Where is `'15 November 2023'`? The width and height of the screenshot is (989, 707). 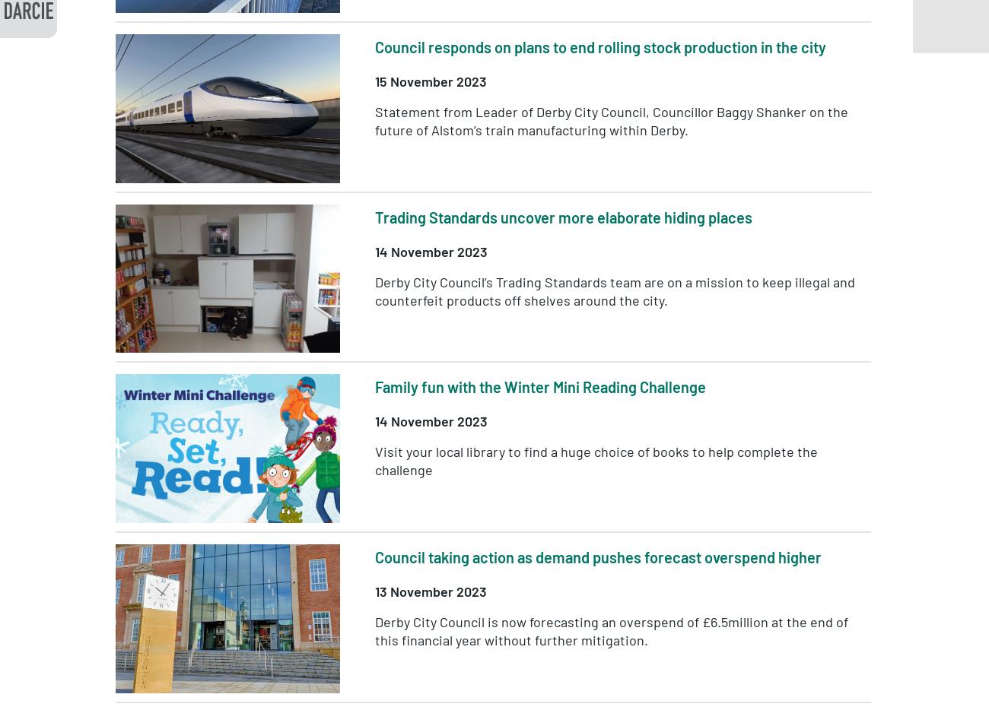 '15 November 2023' is located at coordinates (430, 81).